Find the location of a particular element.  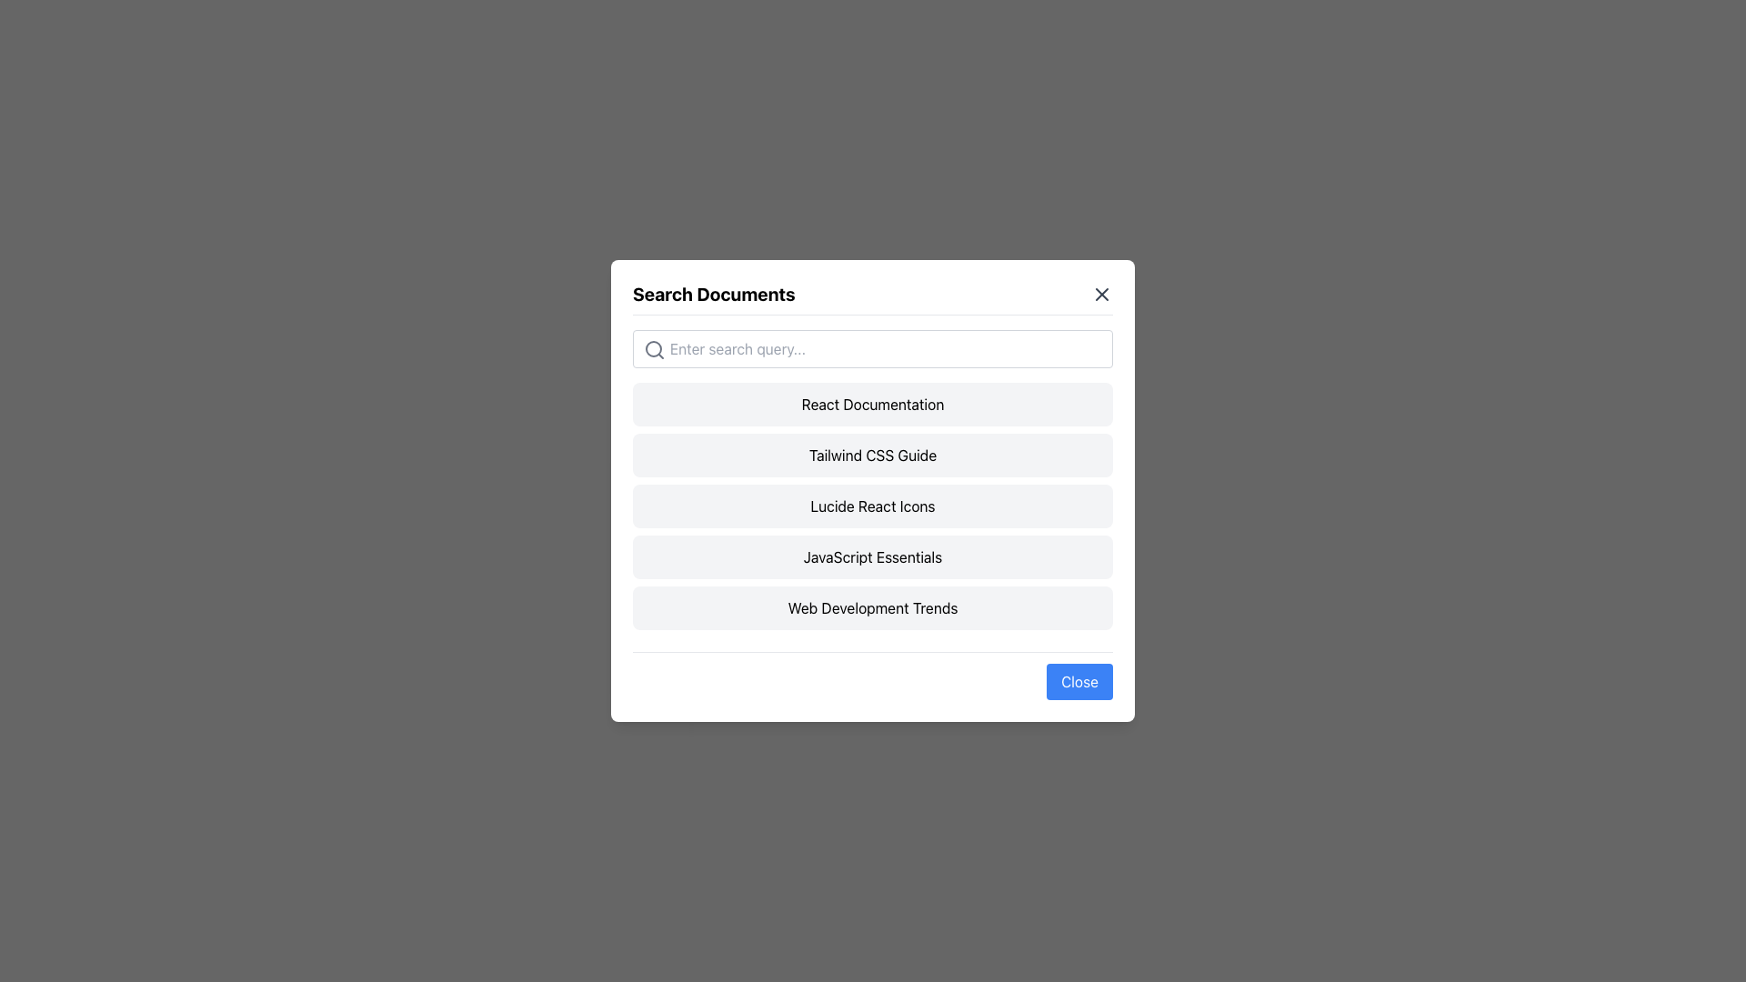

the third button in the vertically stacked list labeled 'Lucide React Icons', which is styled with a light gray rounded rectangle and bold black text is located at coordinates (873, 506).